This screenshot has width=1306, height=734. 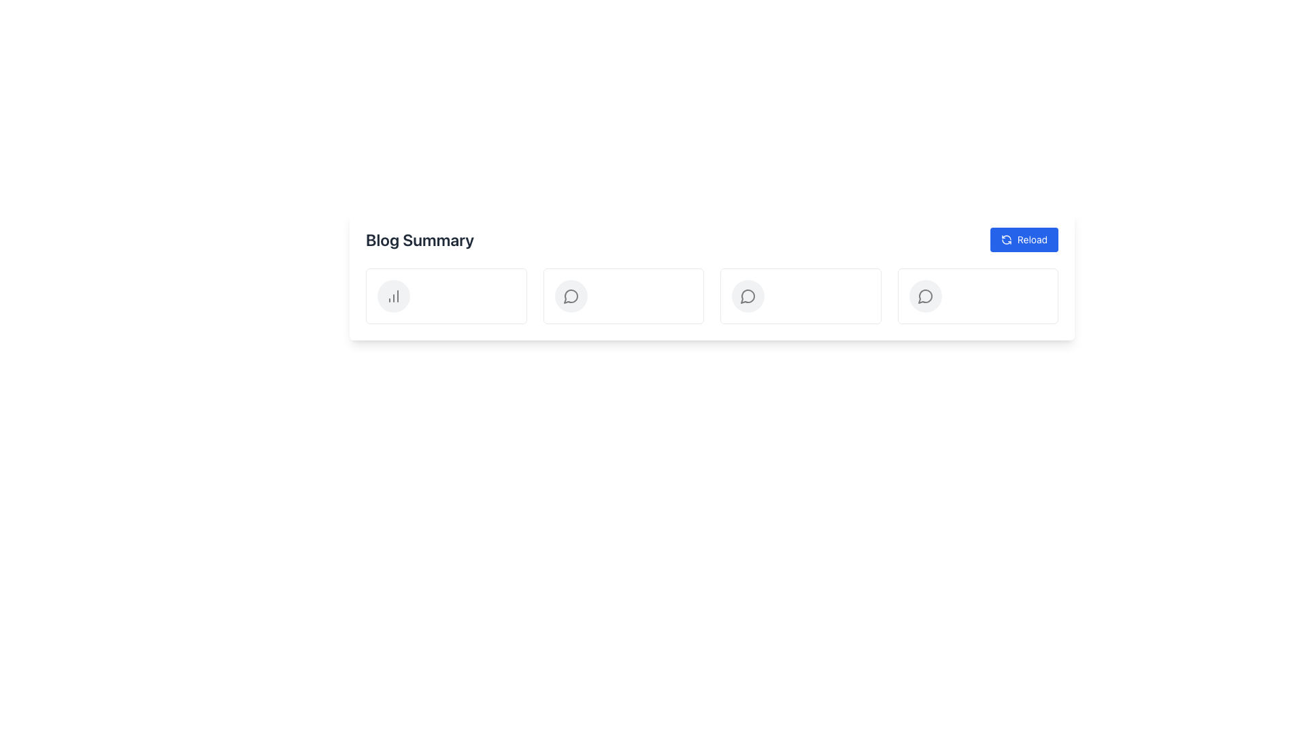 I want to click on the messaging icon located in the second box below the 'Blog Summary' header, so click(x=571, y=295).